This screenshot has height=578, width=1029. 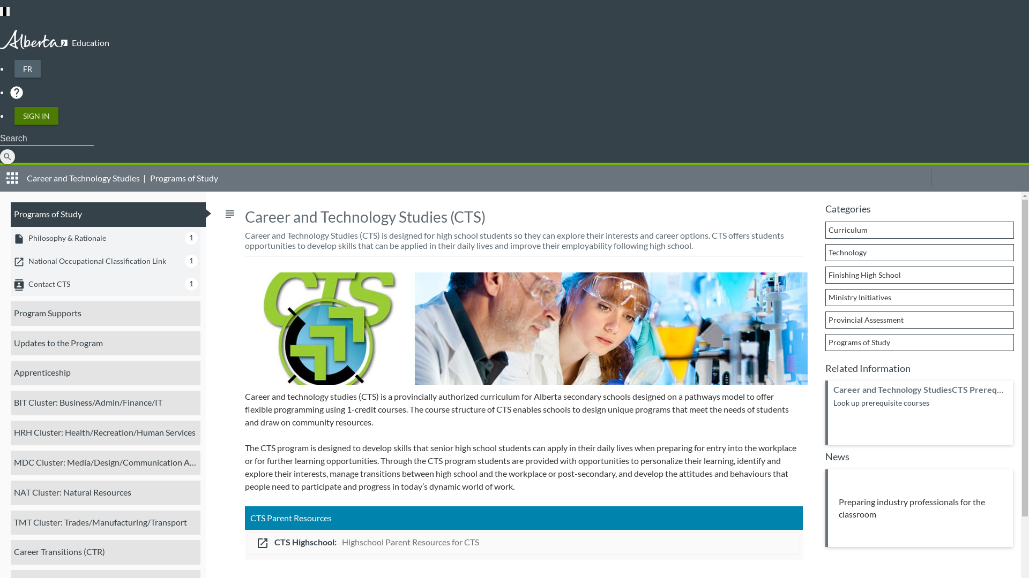 I want to click on 'search', so click(x=8, y=157).